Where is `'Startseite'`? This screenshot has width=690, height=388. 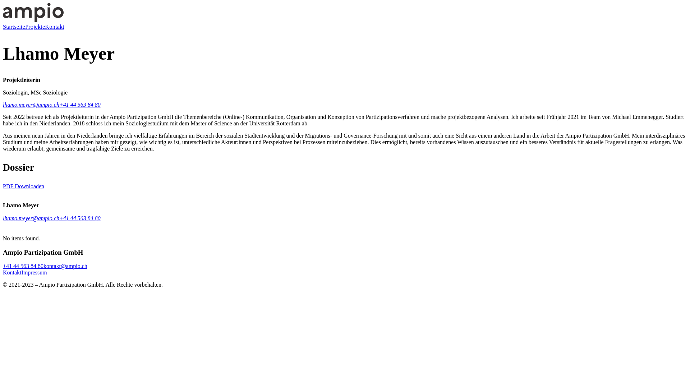 'Startseite' is located at coordinates (3, 26).